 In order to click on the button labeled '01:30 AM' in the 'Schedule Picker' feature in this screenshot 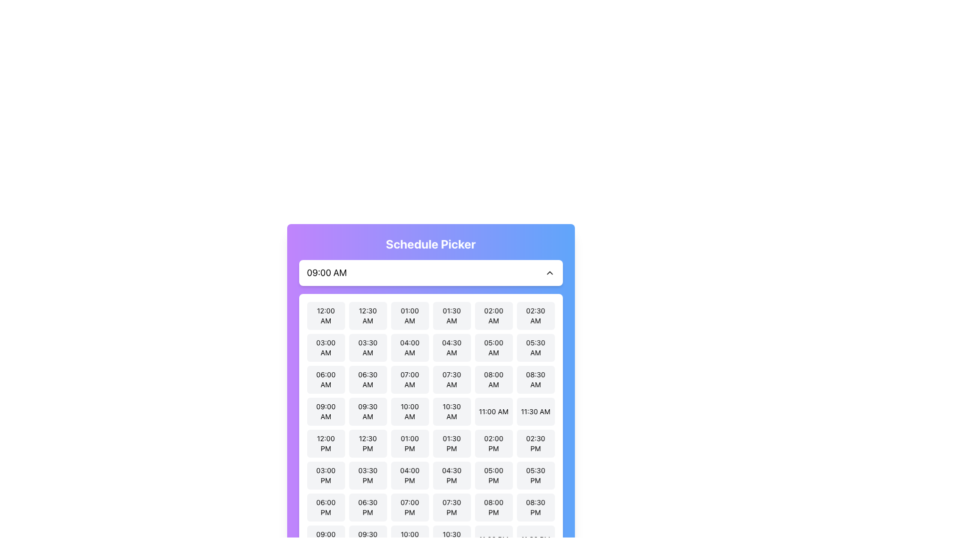, I will do `click(451, 315)`.